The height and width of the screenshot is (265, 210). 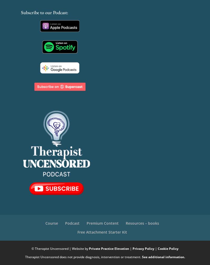 What do you see at coordinates (86, 223) in the screenshot?
I see `'Premium Content'` at bounding box center [86, 223].